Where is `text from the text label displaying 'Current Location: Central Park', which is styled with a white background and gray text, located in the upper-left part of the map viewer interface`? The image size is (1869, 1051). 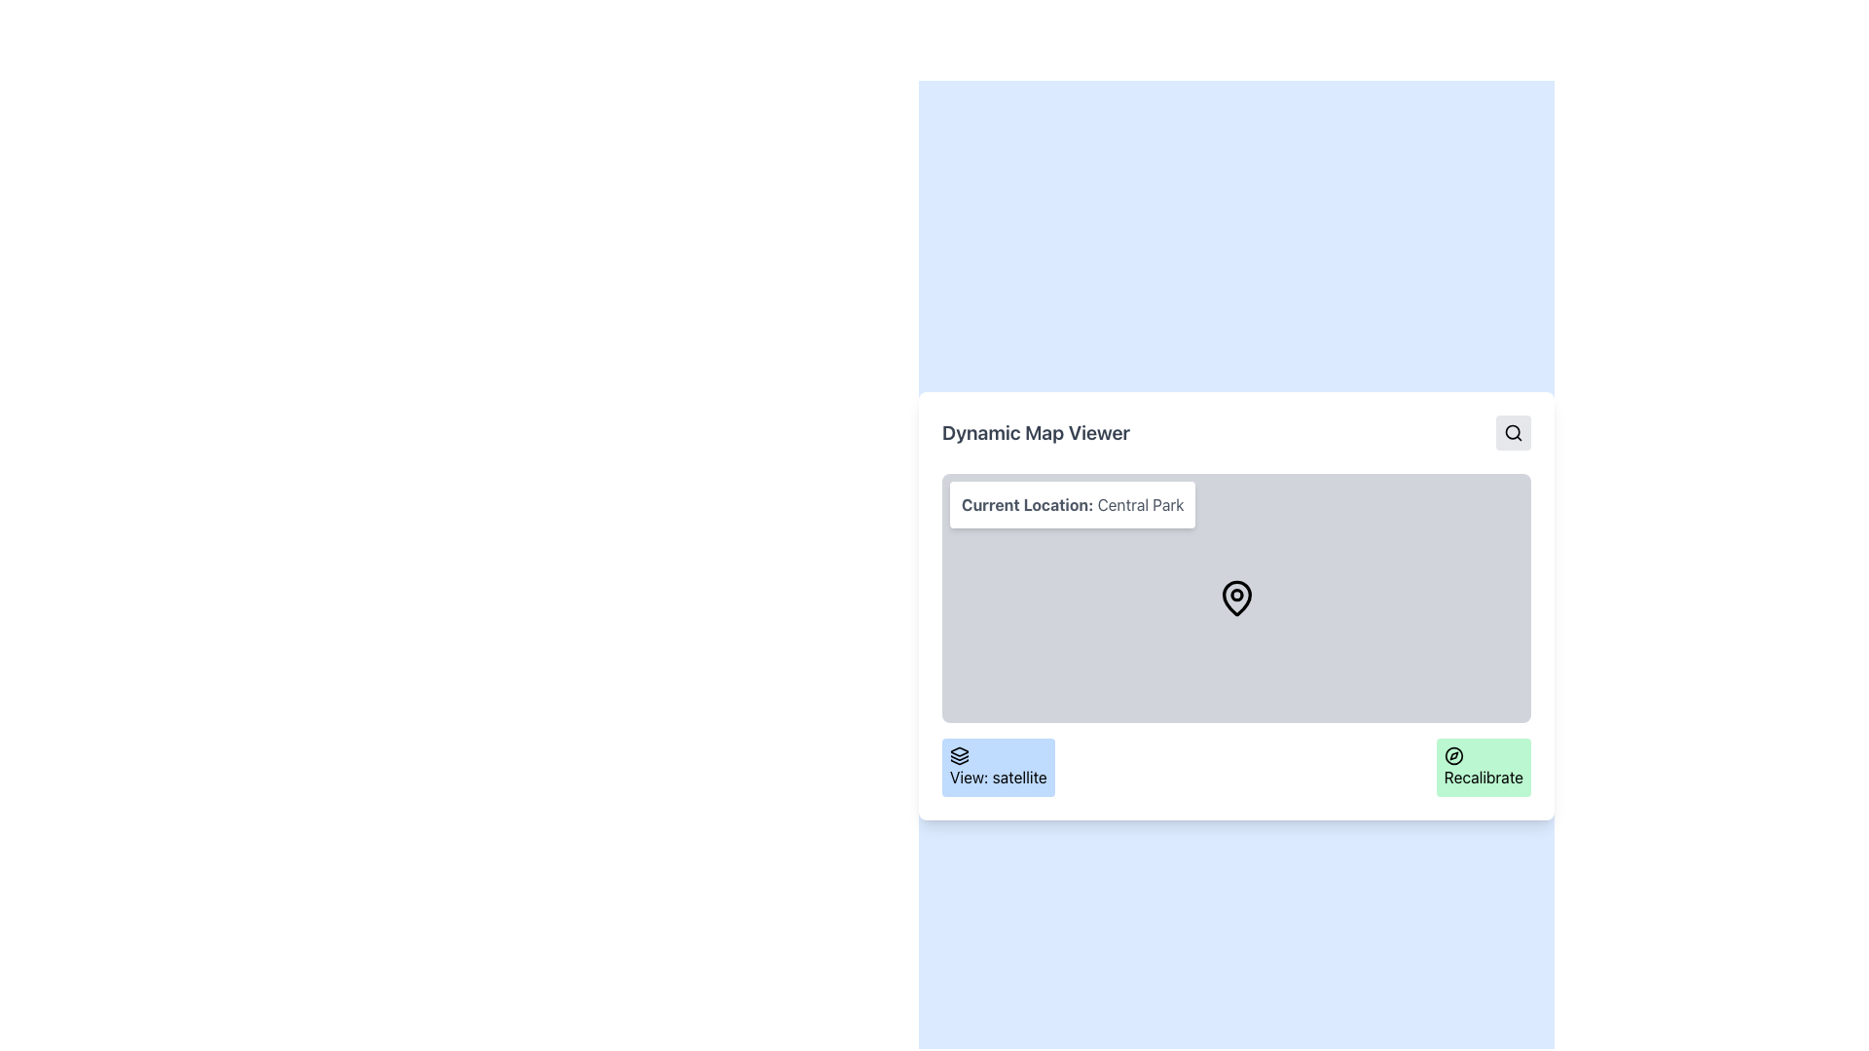 text from the text label displaying 'Current Location: Central Park', which is styled with a white background and gray text, located in the upper-left part of the map viewer interface is located at coordinates (1072, 504).